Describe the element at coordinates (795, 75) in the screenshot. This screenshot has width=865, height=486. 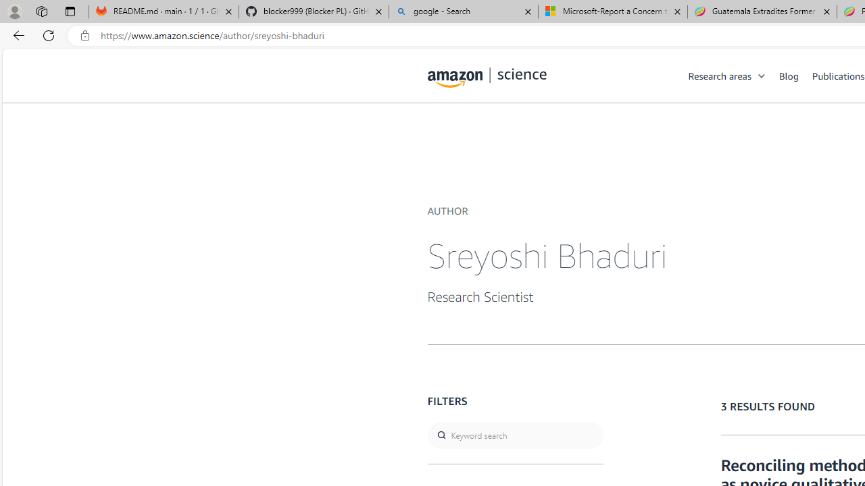
I see `'Blog'` at that location.